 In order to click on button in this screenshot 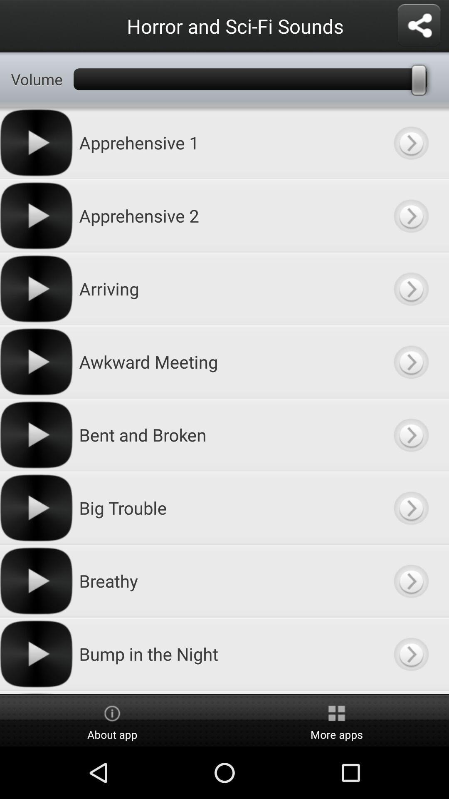, I will do `click(410, 653)`.